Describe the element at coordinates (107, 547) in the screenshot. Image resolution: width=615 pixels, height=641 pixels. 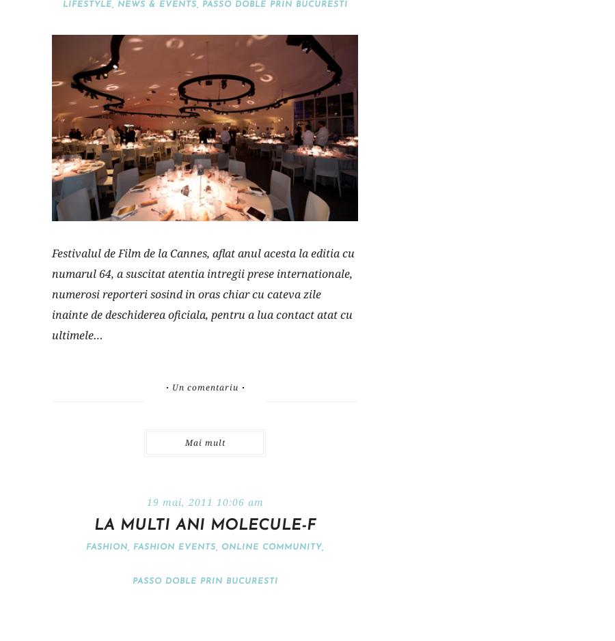
I see `'Fashion'` at that location.